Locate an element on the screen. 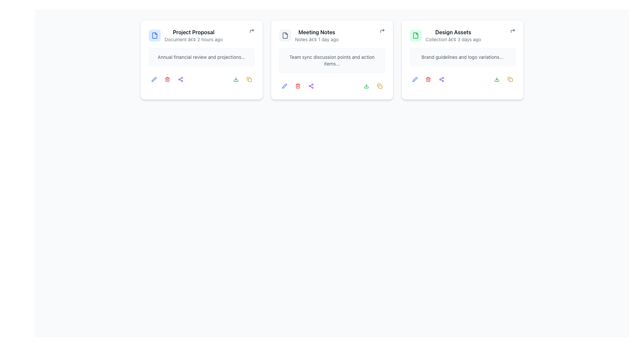 This screenshot has height=359, width=639. the toggle button located in the top-right corner of the 'Meeting Notes' card to select it is located at coordinates (382, 31).